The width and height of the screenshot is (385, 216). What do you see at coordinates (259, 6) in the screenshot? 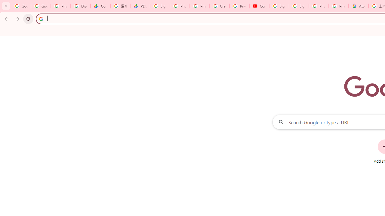
I see `'Content Creator Programs & Opportunities - YouTube Creators'` at bounding box center [259, 6].